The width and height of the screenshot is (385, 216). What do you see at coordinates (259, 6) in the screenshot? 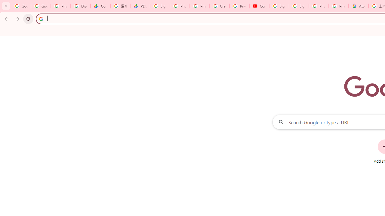
I see `'Content Creator Programs & Opportunities - YouTube Creators'` at bounding box center [259, 6].